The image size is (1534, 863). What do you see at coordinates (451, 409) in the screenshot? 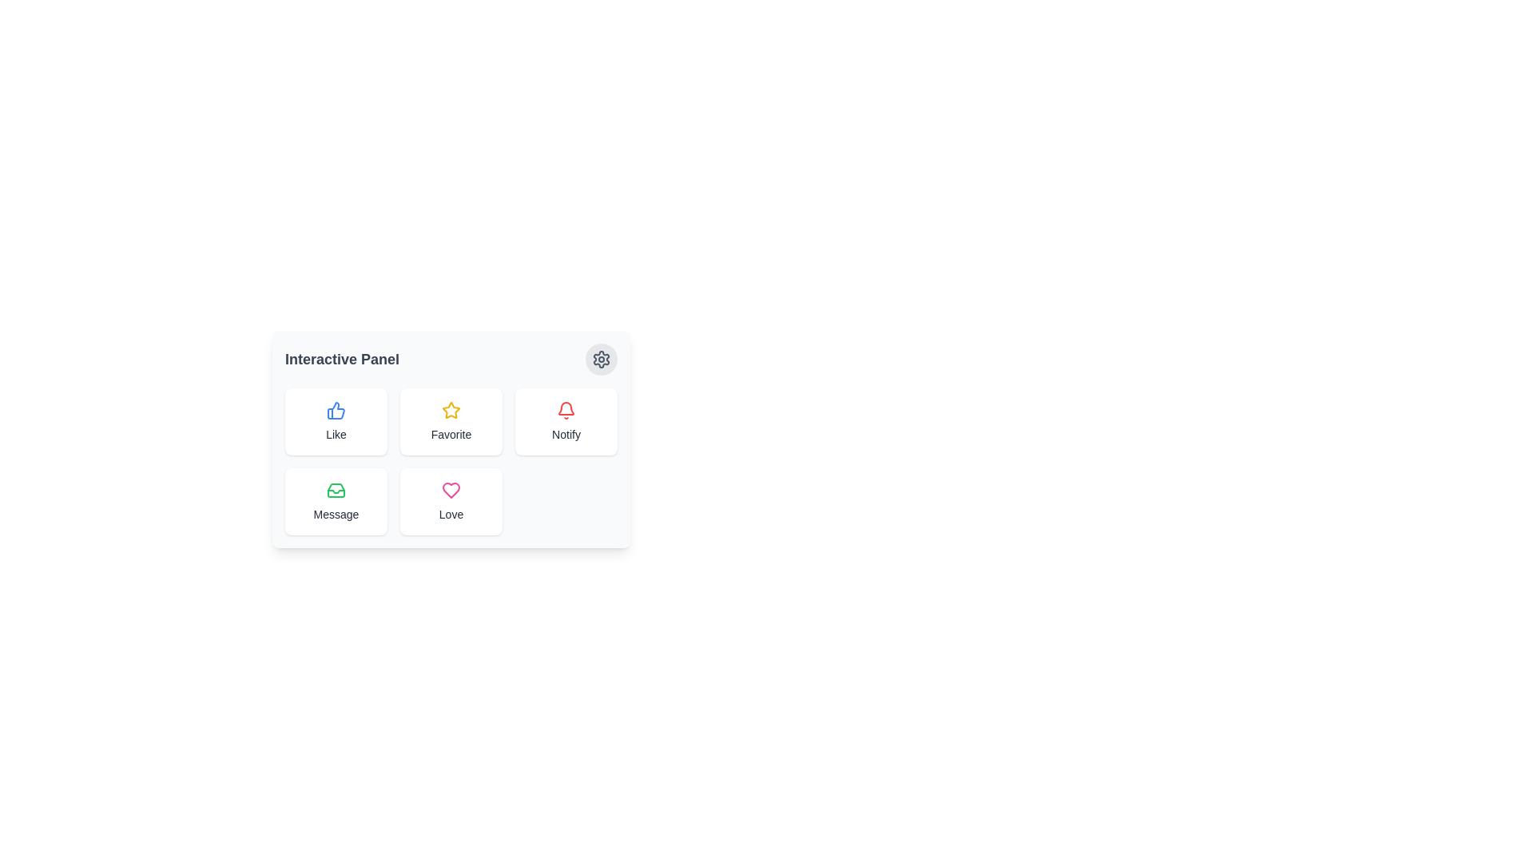
I see `the star-shaped icon with a yellow outline located in the 'Interactive Panel', positioned between the 'Like' and 'Notify' icons` at bounding box center [451, 409].